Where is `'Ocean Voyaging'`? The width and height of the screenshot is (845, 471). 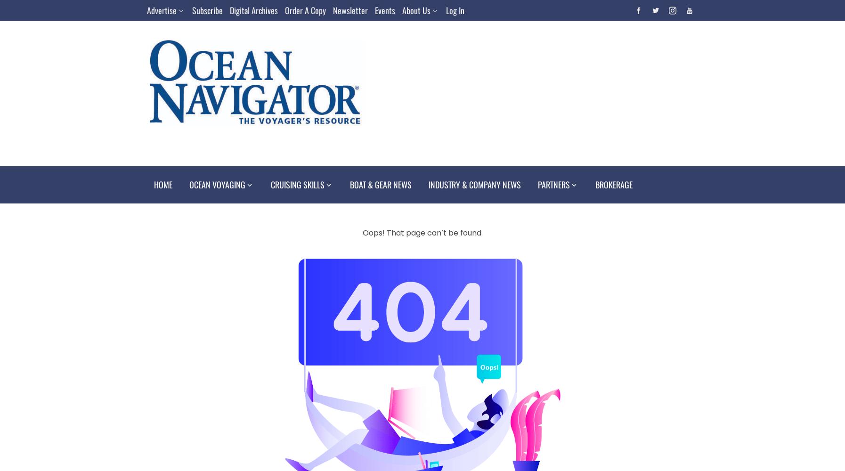
'Ocean Voyaging' is located at coordinates (189, 185).